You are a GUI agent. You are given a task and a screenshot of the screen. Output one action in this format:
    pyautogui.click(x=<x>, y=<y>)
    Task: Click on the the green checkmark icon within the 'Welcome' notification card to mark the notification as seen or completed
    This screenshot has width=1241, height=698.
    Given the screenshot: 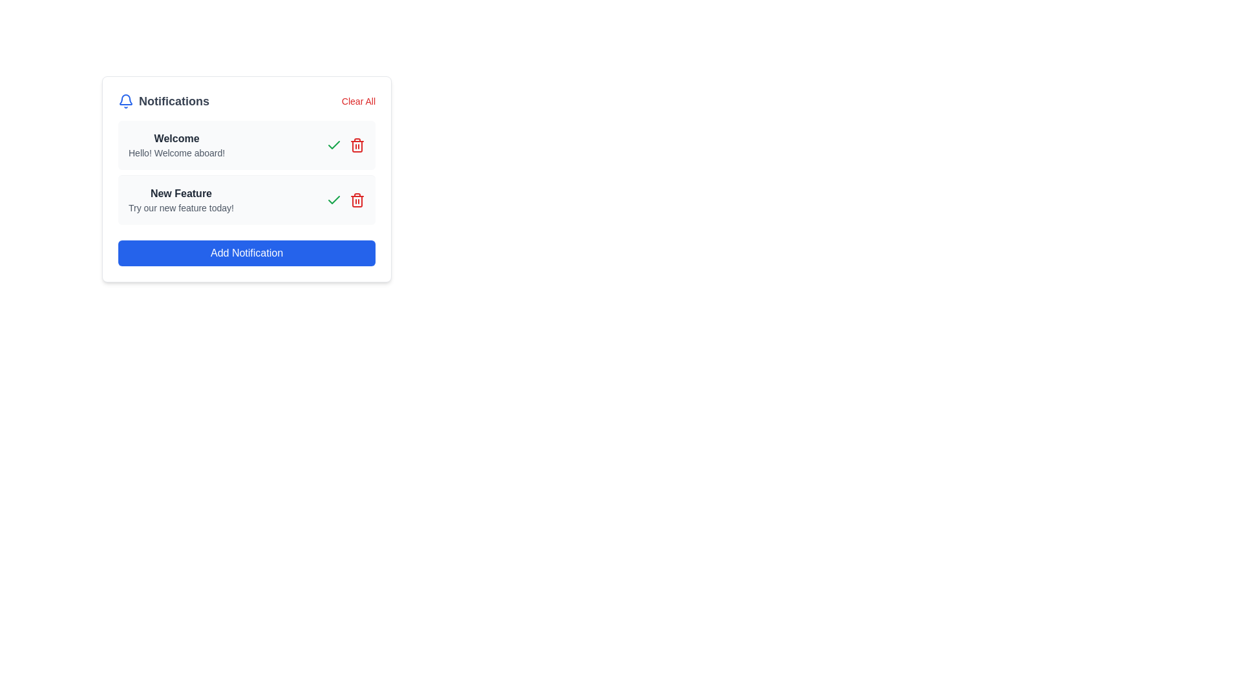 What is the action you would take?
    pyautogui.click(x=334, y=145)
    